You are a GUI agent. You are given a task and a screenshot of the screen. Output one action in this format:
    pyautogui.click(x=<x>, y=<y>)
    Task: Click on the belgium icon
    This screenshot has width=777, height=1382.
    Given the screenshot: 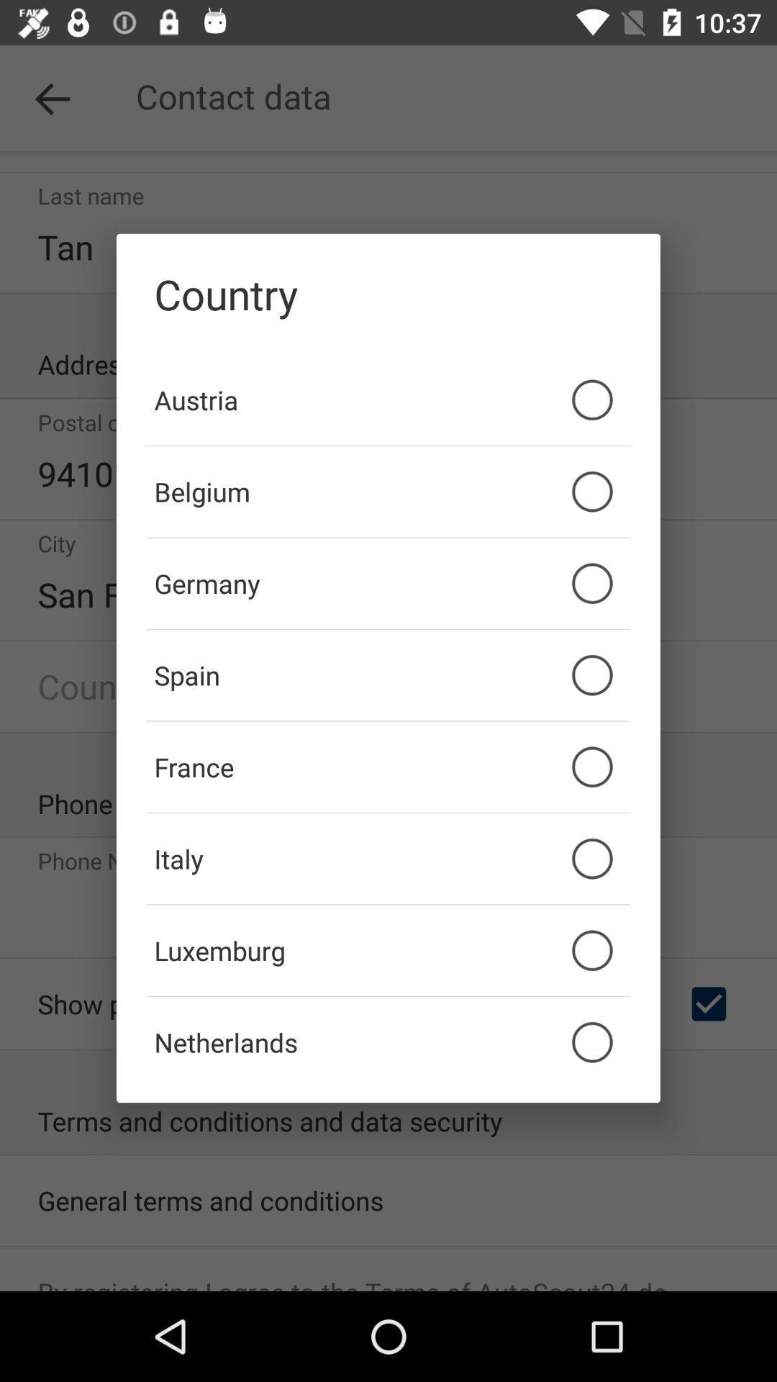 What is the action you would take?
    pyautogui.click(x=388, y=492)
    